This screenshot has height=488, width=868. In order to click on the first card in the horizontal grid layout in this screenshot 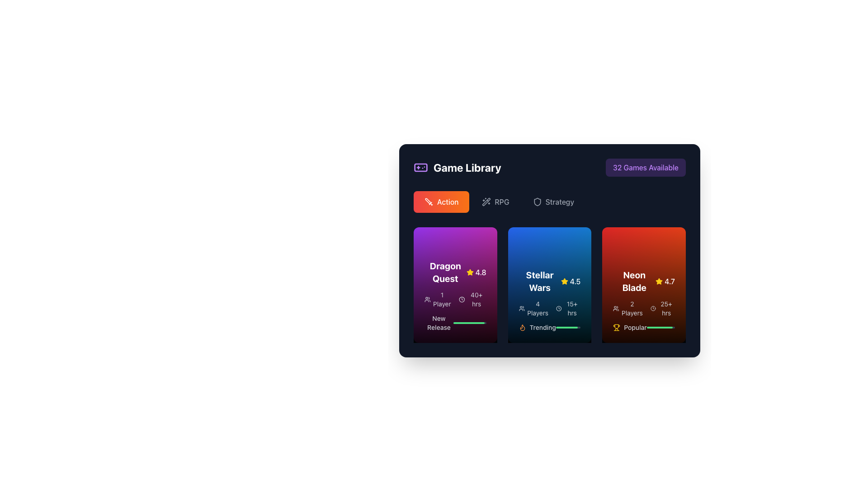, I will do `click(455, 285)`.